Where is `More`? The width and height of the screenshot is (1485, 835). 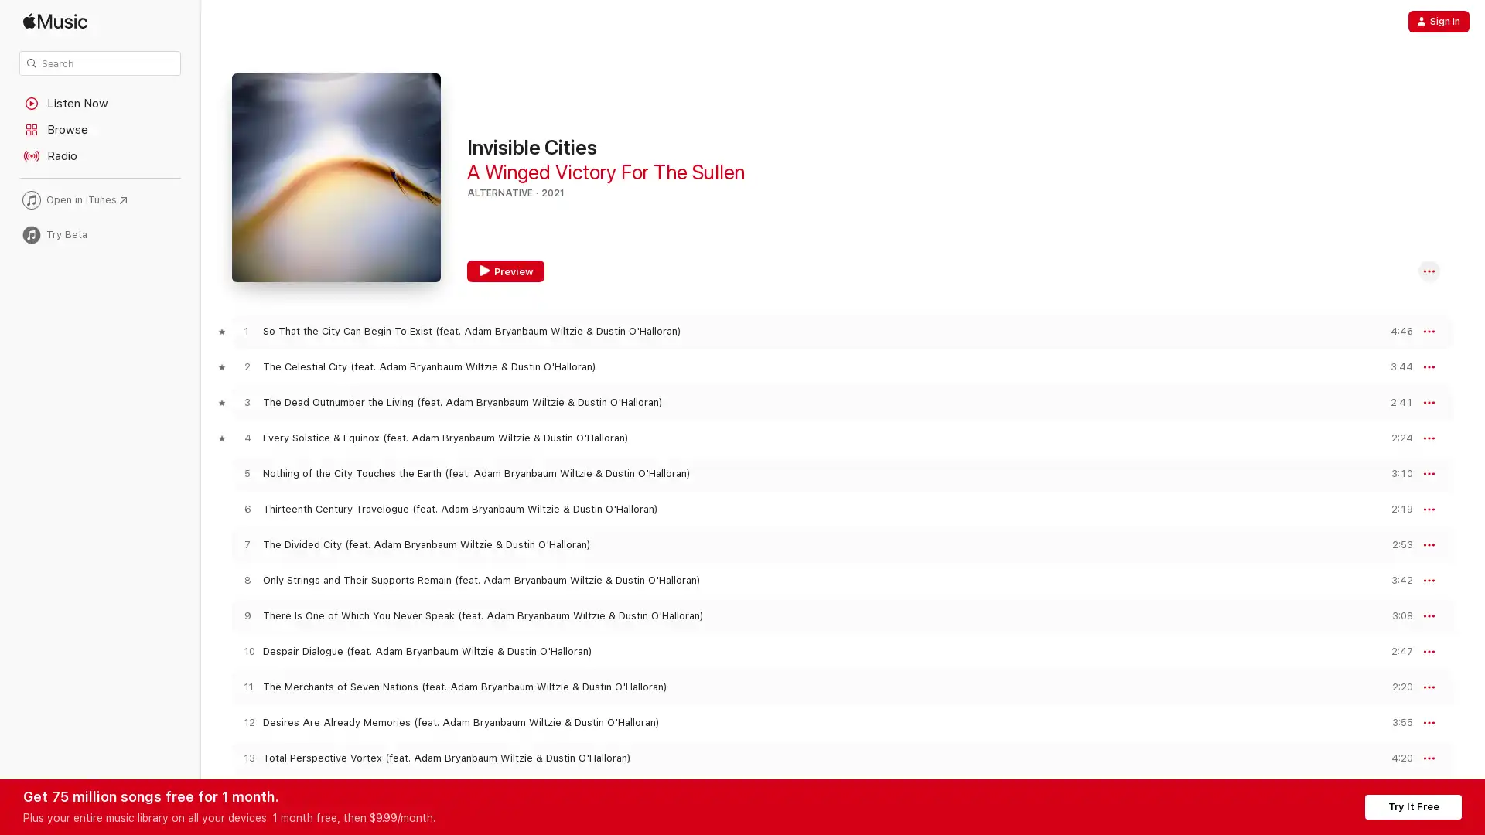
More is located at coordinates (1429, 615).